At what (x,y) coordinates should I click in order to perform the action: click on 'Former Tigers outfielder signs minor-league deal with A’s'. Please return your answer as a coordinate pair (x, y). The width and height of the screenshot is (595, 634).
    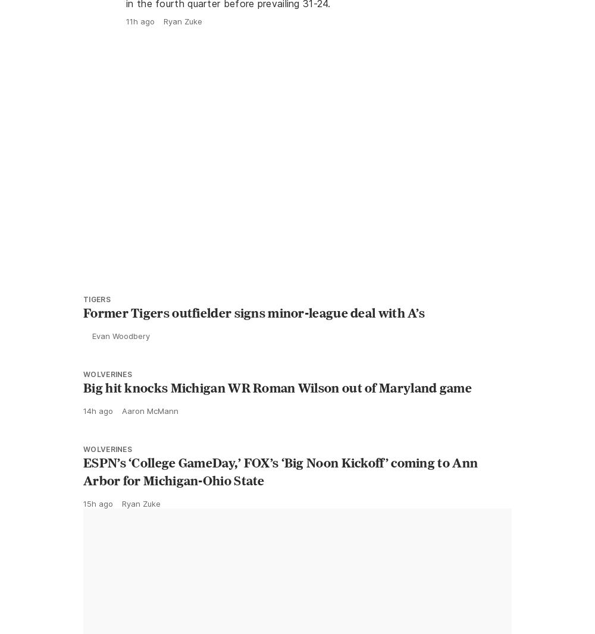
    Looking at the image, I should click on (254, 338).